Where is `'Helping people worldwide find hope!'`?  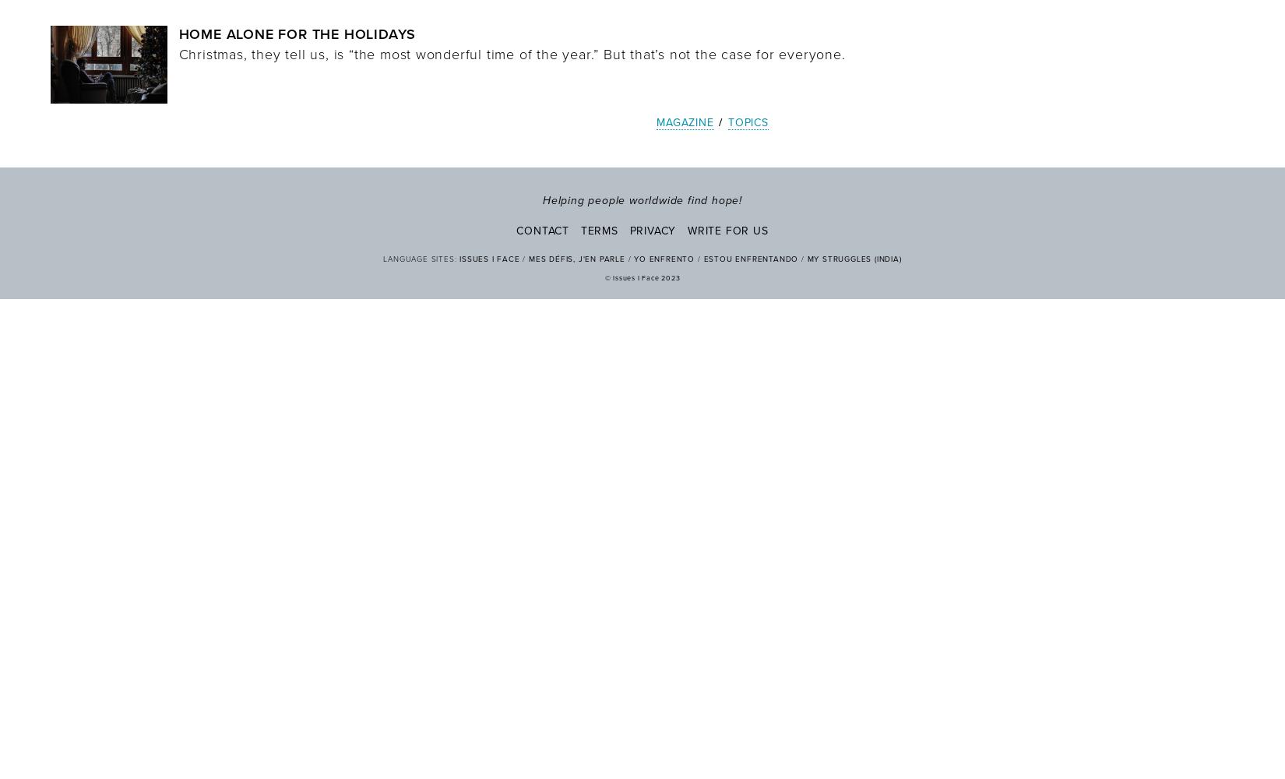 'Helping people worldwide find hope!' is located at coordinates (642, 199).